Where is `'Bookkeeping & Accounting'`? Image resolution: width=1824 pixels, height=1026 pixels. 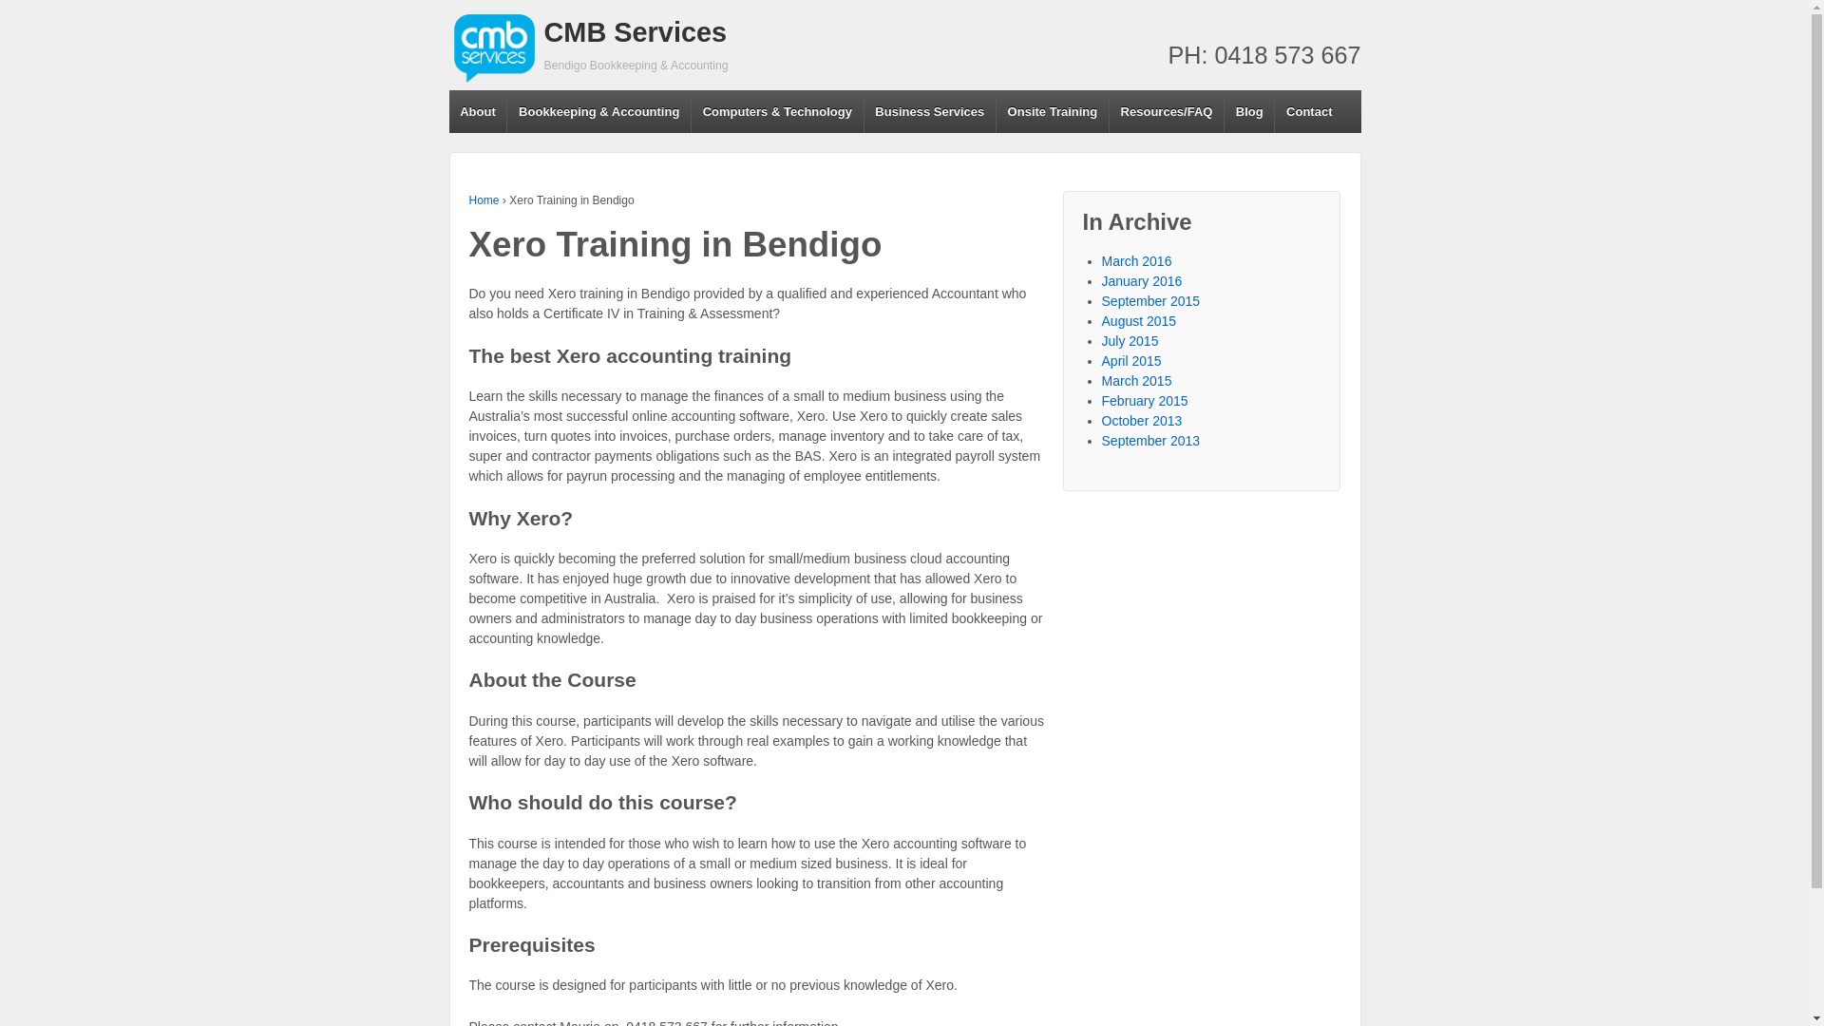
'Bookkeeping & Accounting' is located at coordinates (597, 111).